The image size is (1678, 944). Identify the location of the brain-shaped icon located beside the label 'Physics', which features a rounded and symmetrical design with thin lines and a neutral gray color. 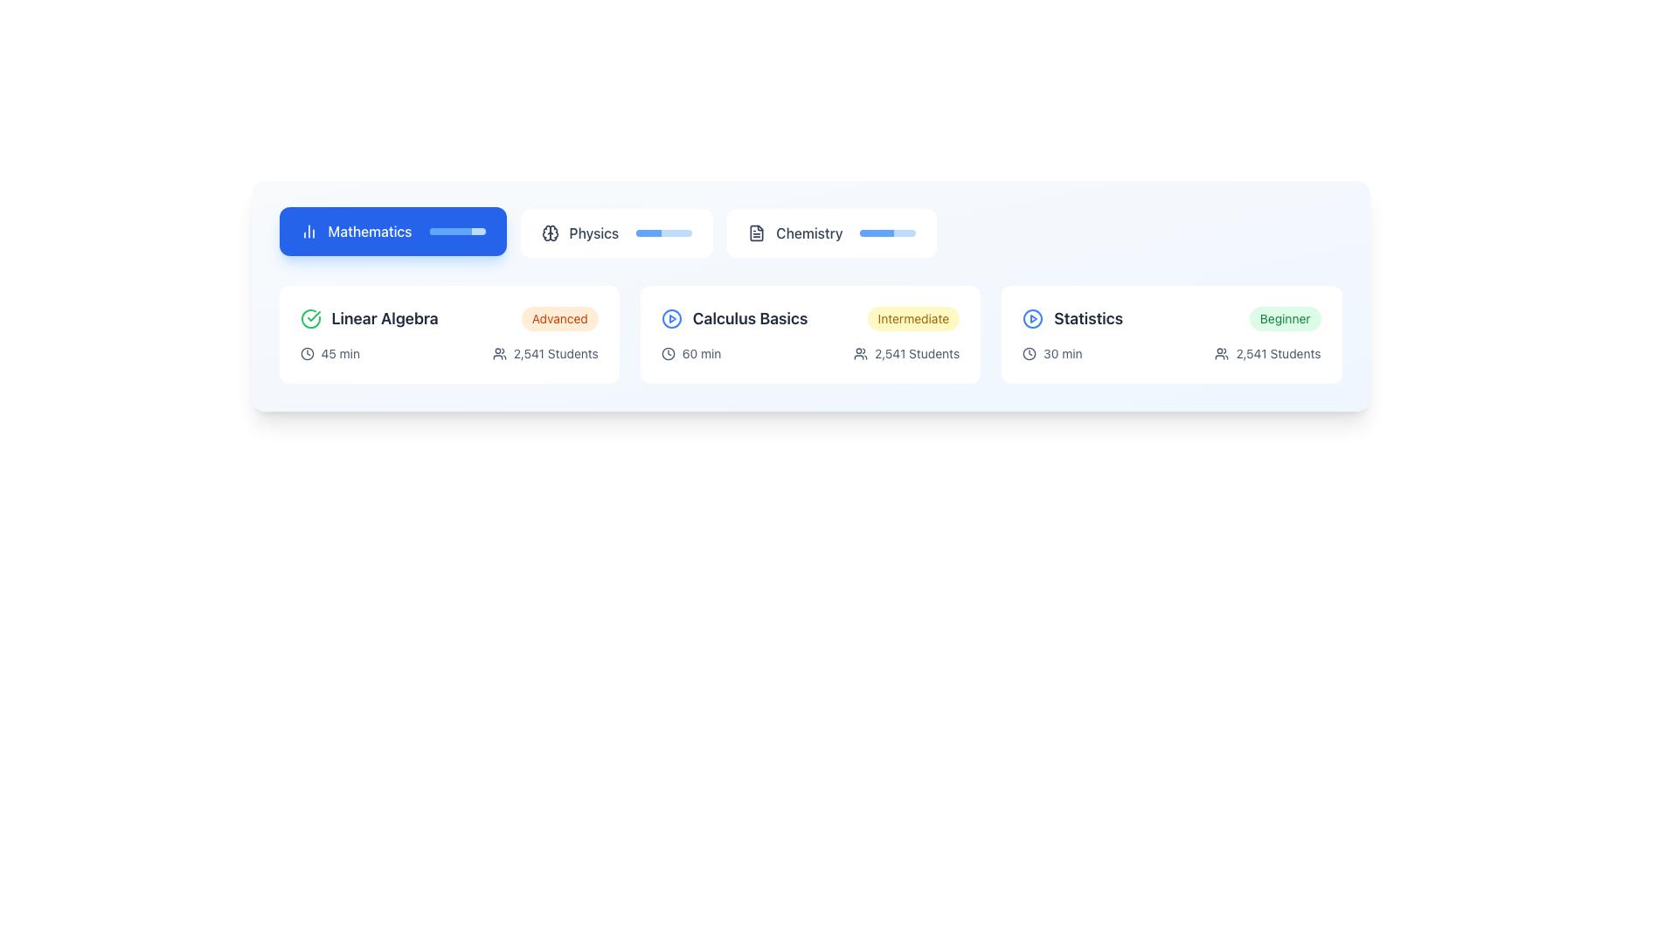
(549, 232).